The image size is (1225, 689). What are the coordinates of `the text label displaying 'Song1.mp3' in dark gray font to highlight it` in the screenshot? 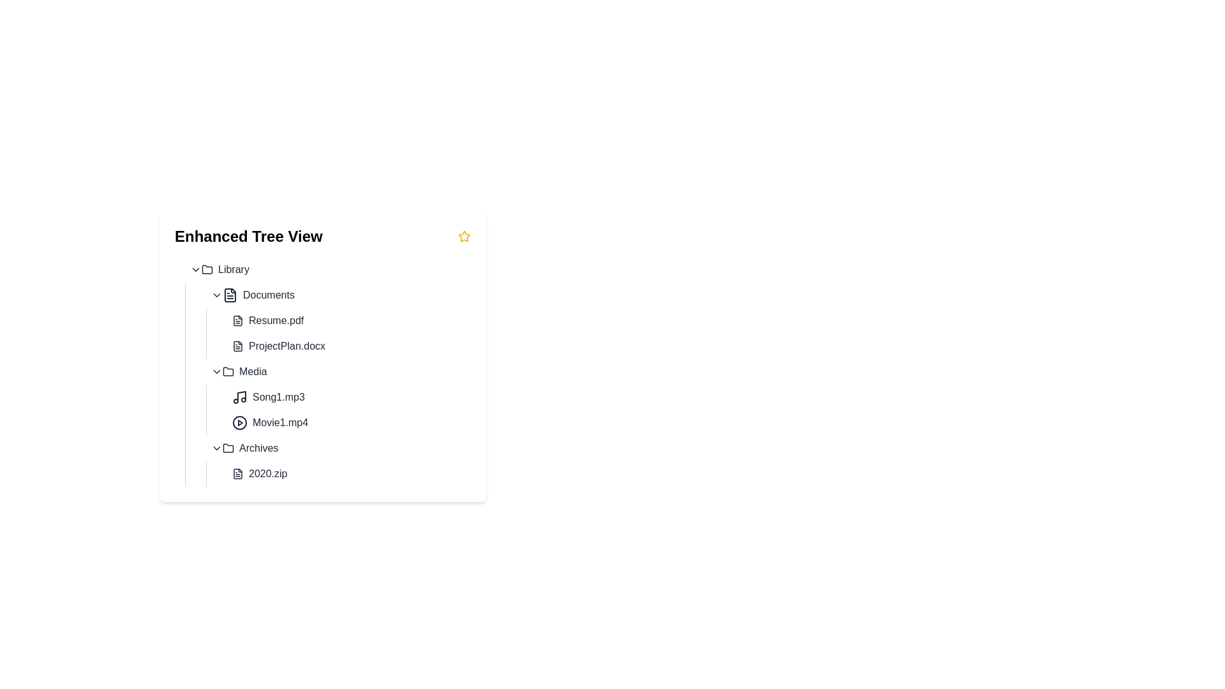 It's located at (278, 397).